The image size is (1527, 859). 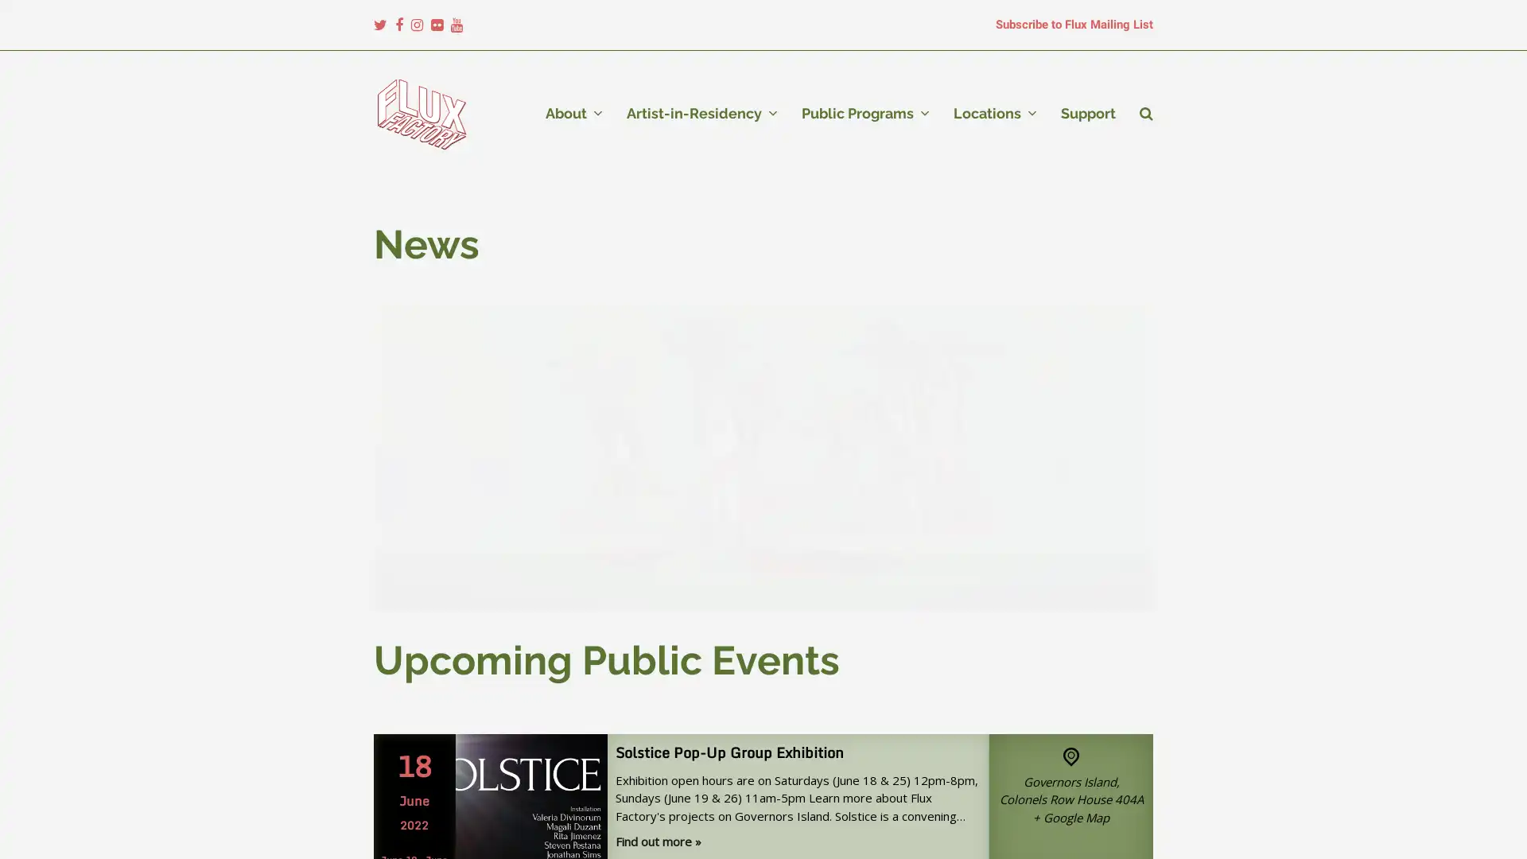 I want to click on Search, so click(x=1146, y=113).